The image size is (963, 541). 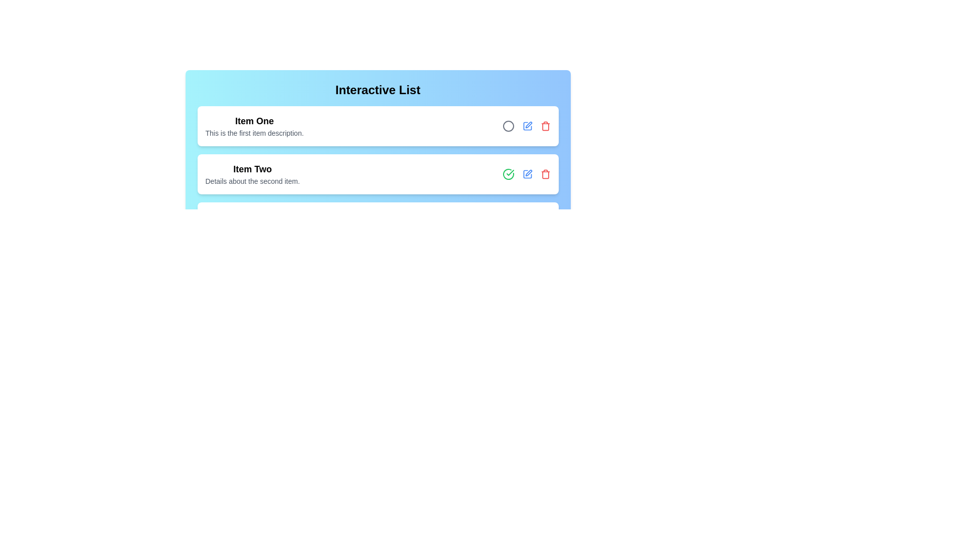 What do you see at coordinates (508, 173) in the screenshot?
I see `the toggle icon of the item with name Item Two` at bounding box center [508, 173].